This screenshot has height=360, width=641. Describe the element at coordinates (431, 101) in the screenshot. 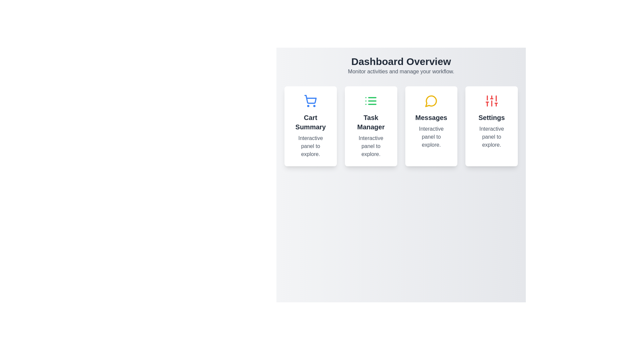

I see `messaging icon located in the Messages panel of the Dashboard Overview interface, which is positioned between the Task Manager and Settings panels` at that location.